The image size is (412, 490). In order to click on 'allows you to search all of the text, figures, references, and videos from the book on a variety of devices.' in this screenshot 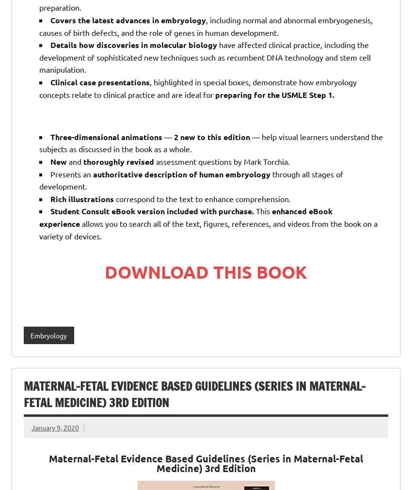, I will do `click(208, 229)`.